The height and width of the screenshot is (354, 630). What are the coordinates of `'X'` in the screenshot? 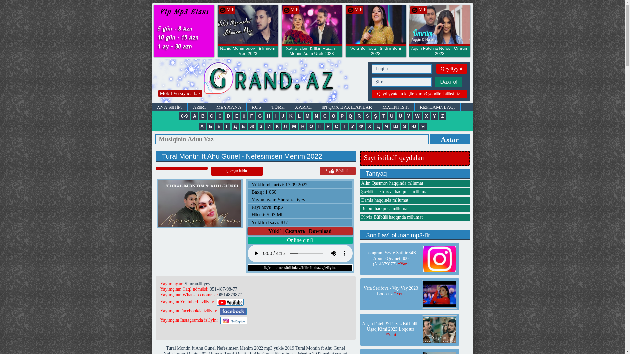 It's located at (426, 116).